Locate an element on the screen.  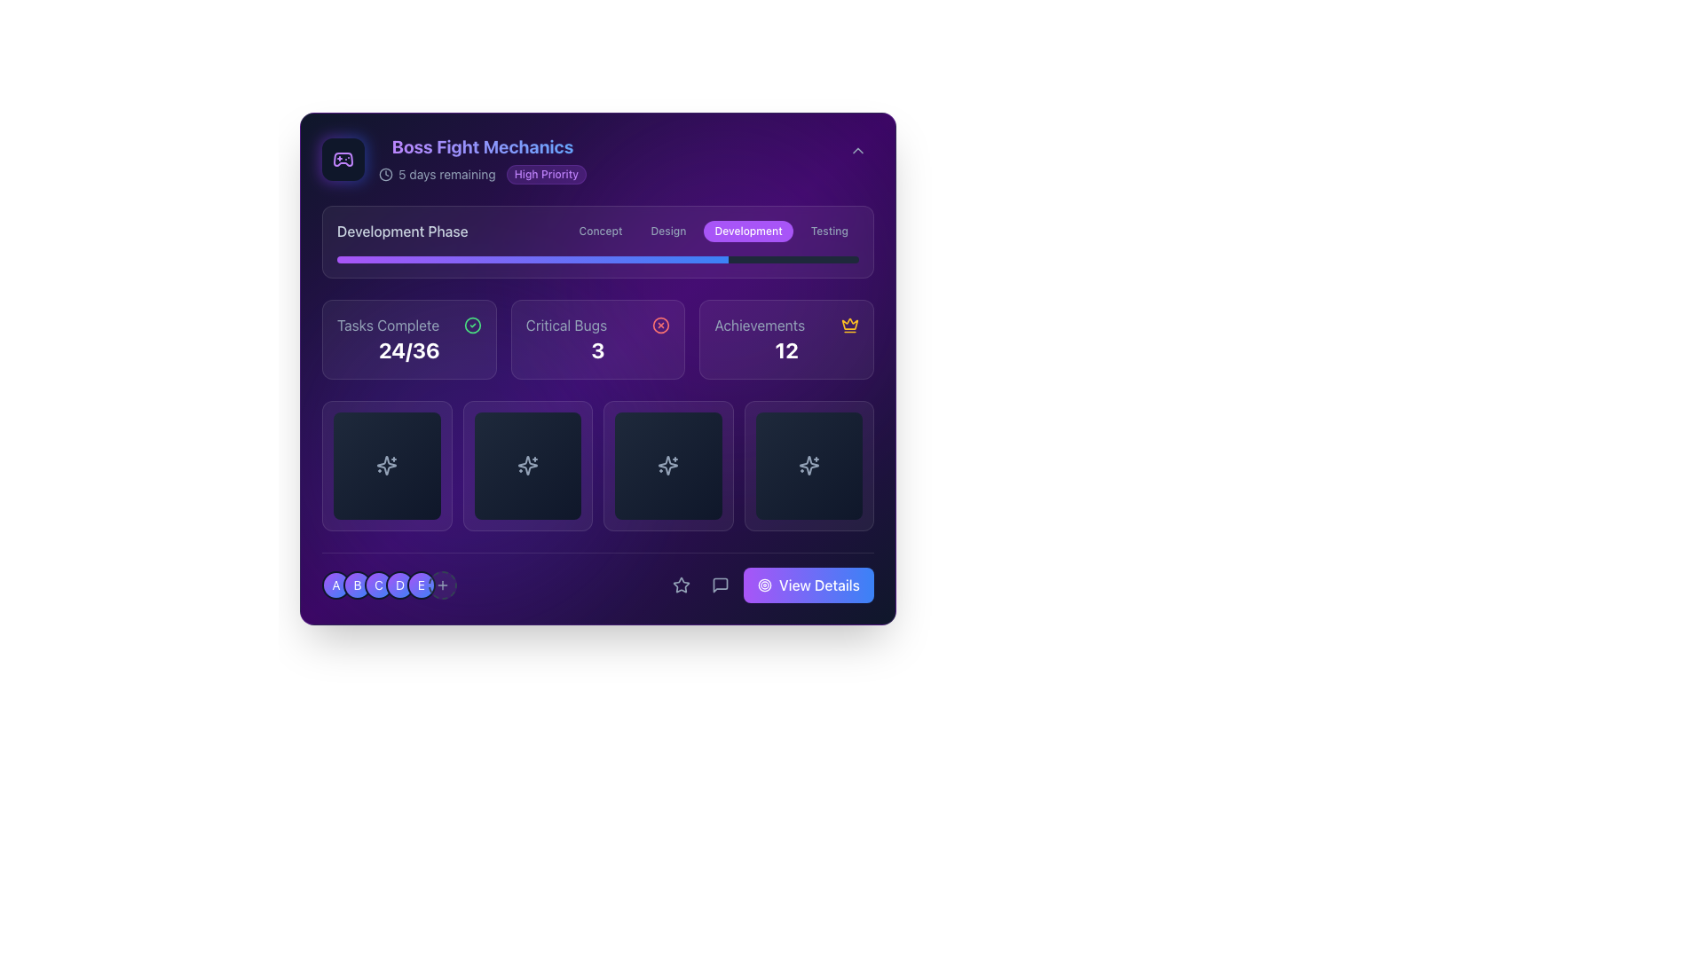
the second cell from the left in the rectangular grid containing four interactive cells, which features sparkles icons that change to purple on hover is located at coordinates (597, 464).